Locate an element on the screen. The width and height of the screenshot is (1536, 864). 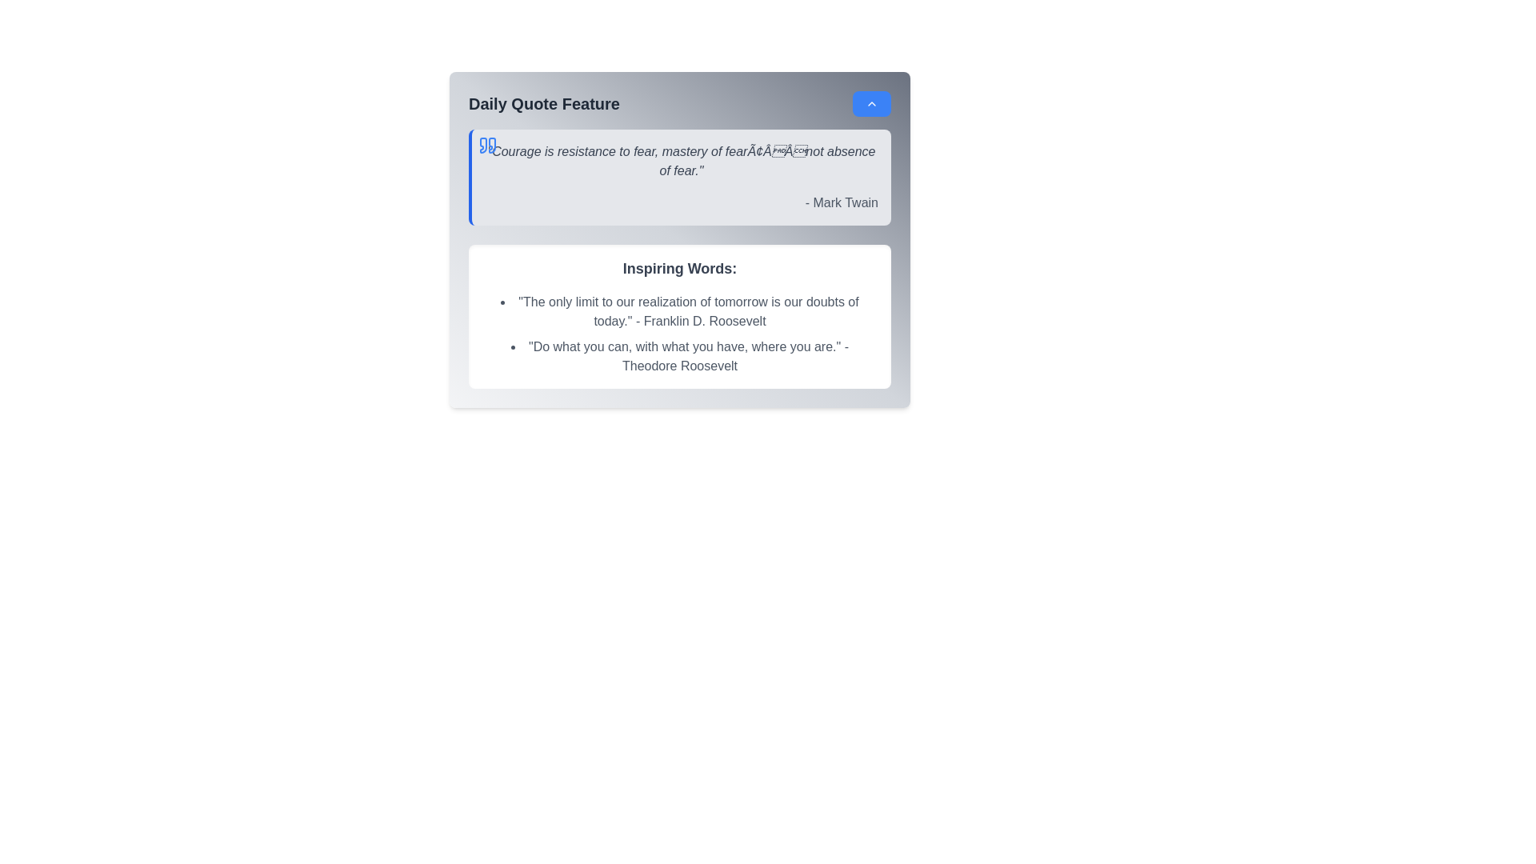
the button in the top-right portion of the 'Daily Quote Feature' section is located at coordinates (870, 104).